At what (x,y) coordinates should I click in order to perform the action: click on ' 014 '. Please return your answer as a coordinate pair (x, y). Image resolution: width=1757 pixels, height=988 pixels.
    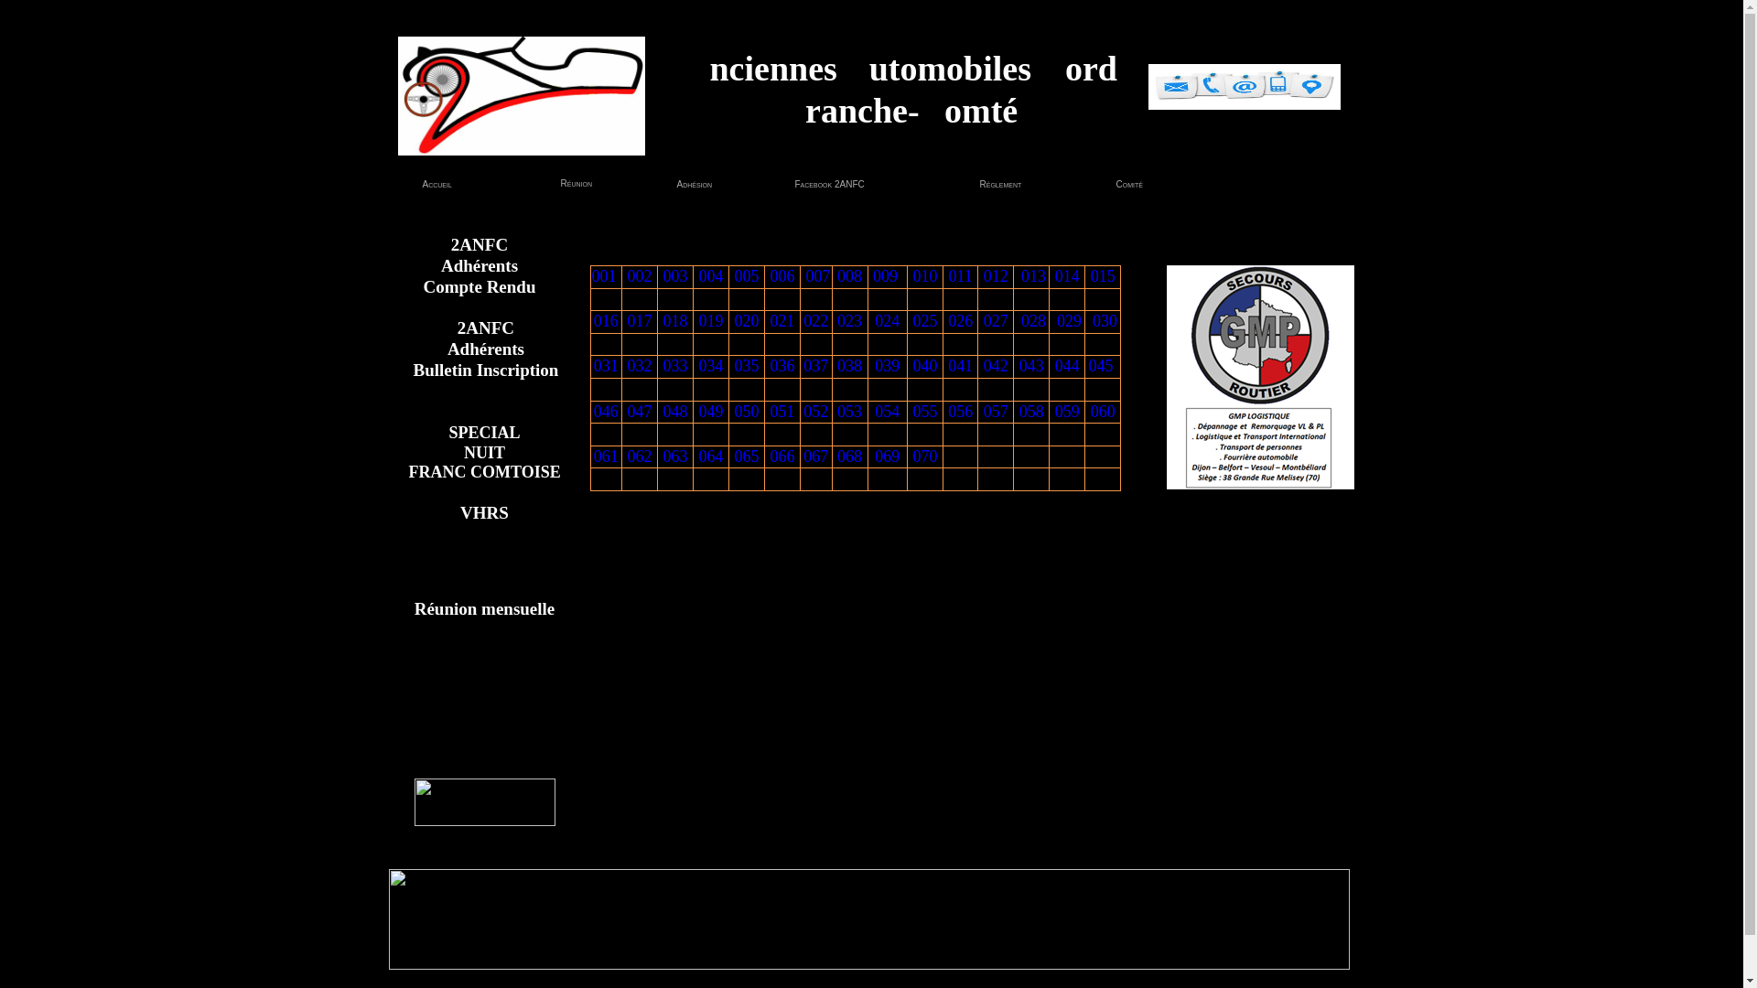
    Looking at the image, I should click on (1067, 275).